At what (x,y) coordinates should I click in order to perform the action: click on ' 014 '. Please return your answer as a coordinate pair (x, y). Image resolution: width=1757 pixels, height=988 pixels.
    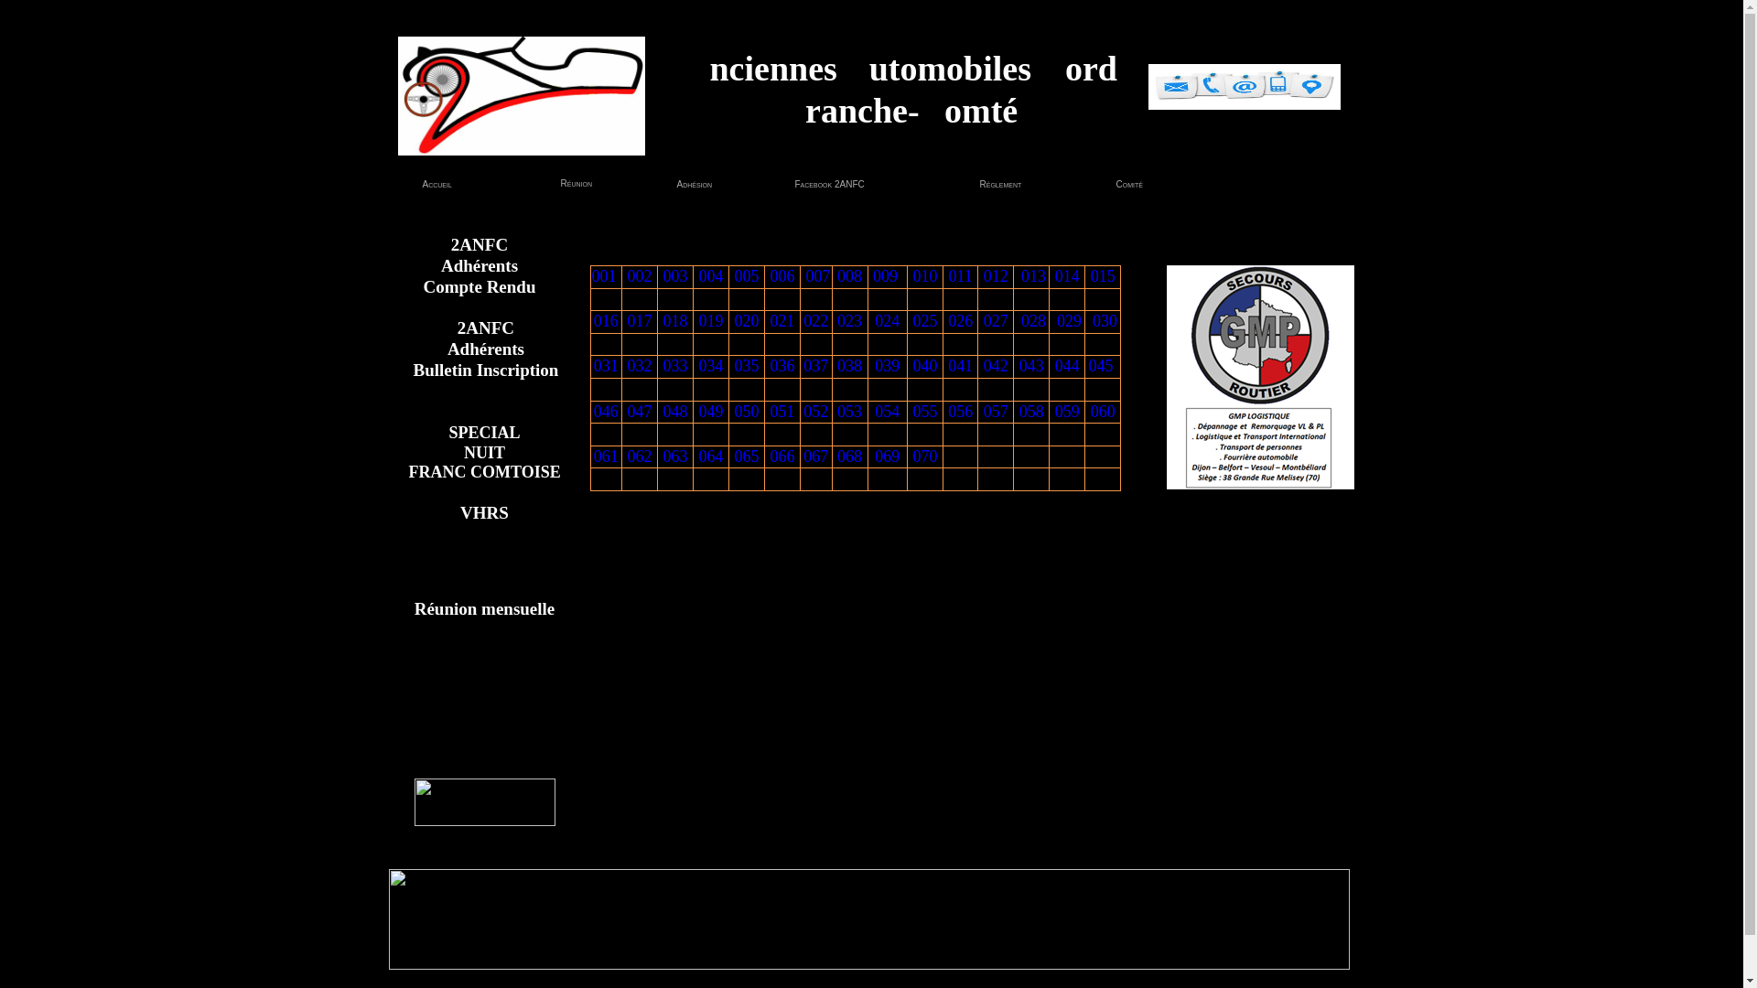
    Looking at the image, I should click on (1067, 275).